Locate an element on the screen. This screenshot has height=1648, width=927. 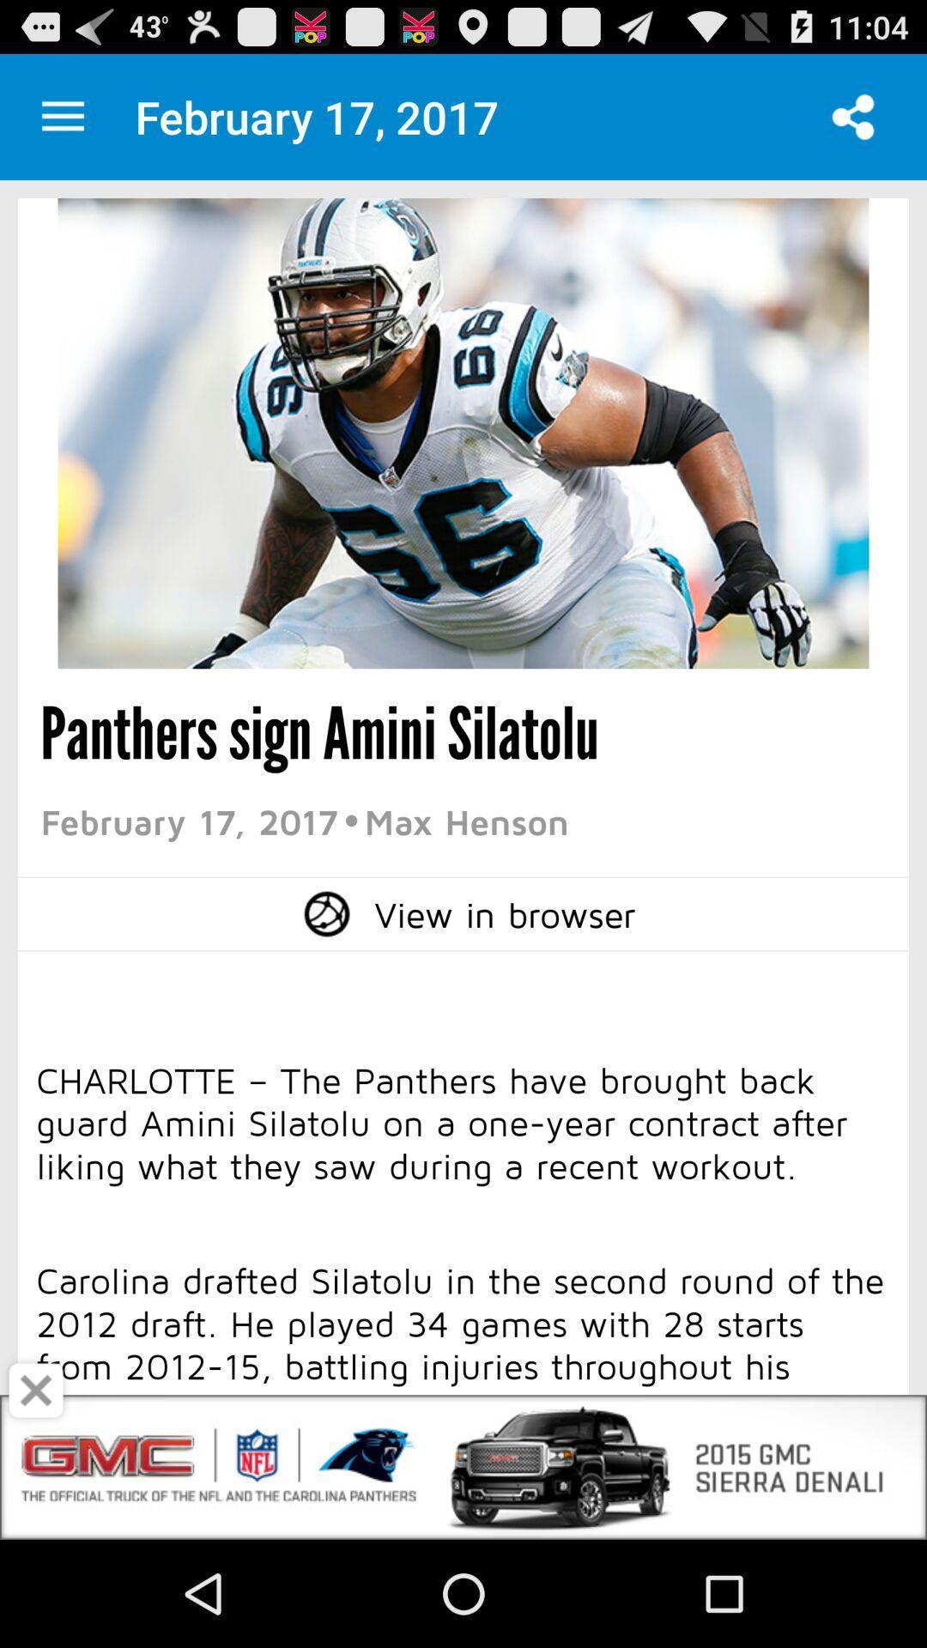
open an advertisements is located at coordinates (463, 1257).